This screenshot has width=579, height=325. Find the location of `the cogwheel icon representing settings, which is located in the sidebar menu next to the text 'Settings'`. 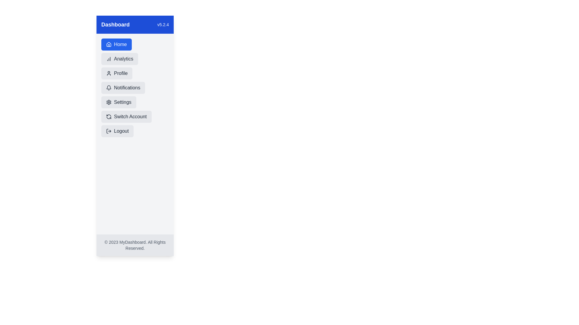

the cogwheel icon representing settings, which is located in the sidebar menu next to the text 'Settings' is located at coordinates (109, 102).